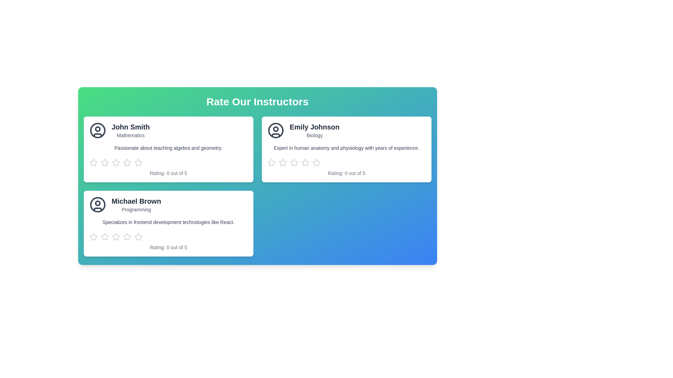 The image size is (673, 378). I want to click on the third star icon in the rating section of the instructor card labeled 'Michael Brown - Programming', so click(138, 236).